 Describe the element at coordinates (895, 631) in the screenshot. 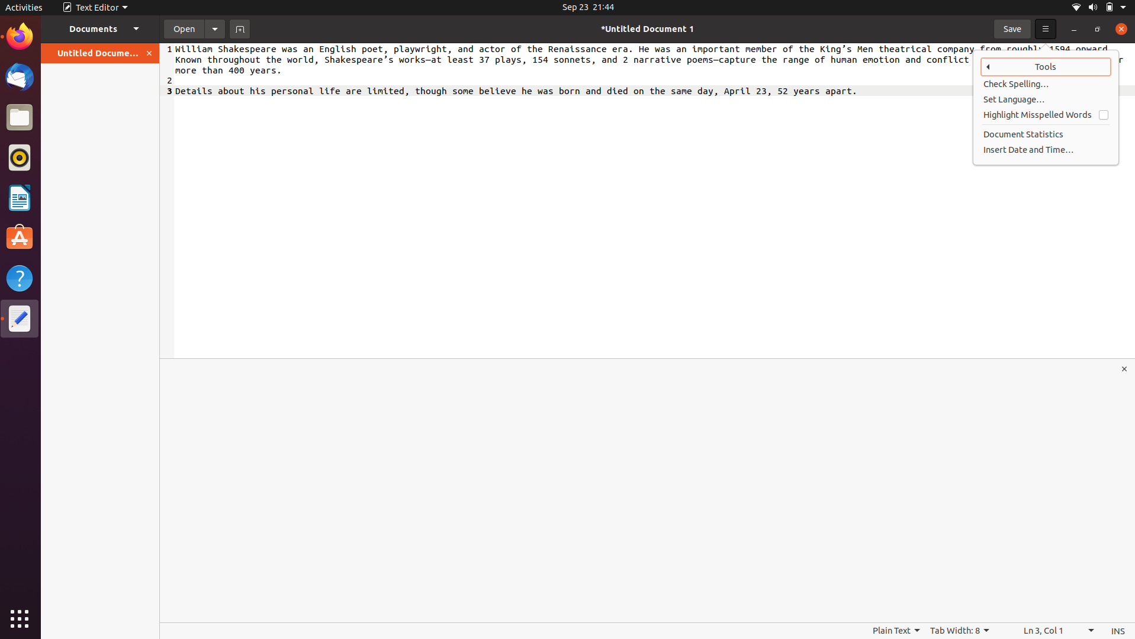

I see `Convert the saved file type to HTML` at that location.